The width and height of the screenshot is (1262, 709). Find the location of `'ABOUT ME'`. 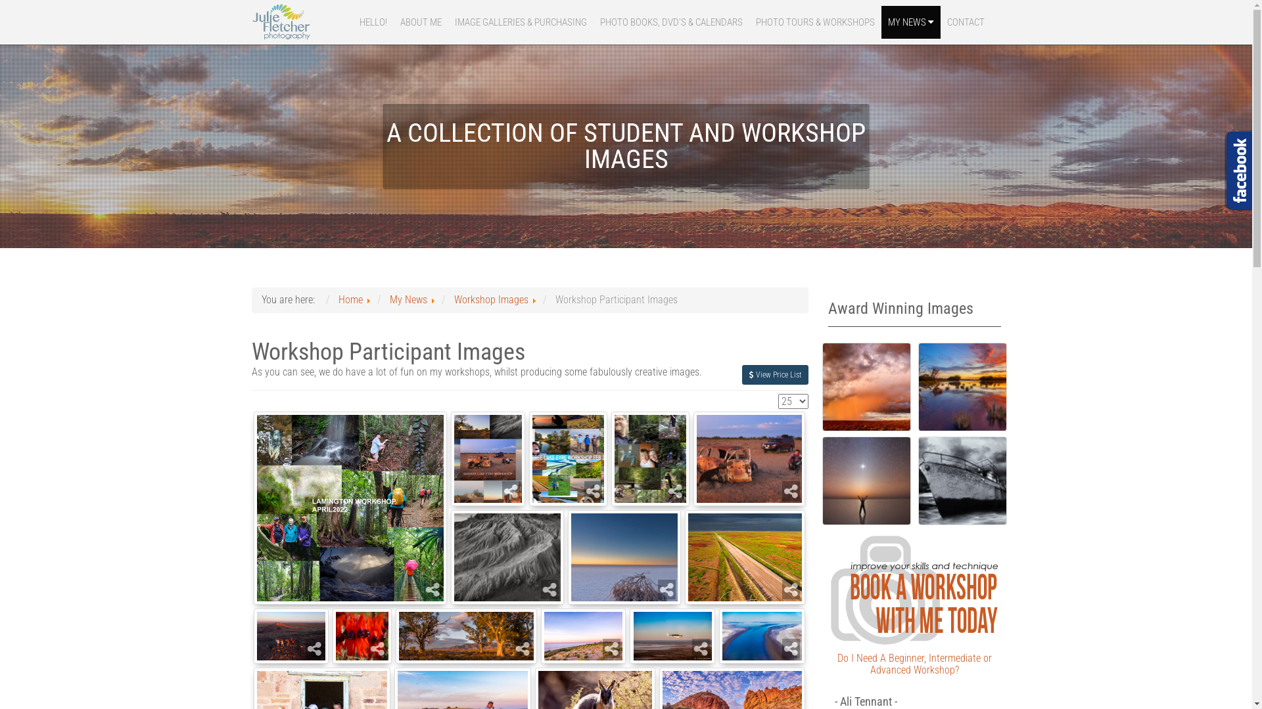

'ABOUT ME' is located at coordinates (419, 22).